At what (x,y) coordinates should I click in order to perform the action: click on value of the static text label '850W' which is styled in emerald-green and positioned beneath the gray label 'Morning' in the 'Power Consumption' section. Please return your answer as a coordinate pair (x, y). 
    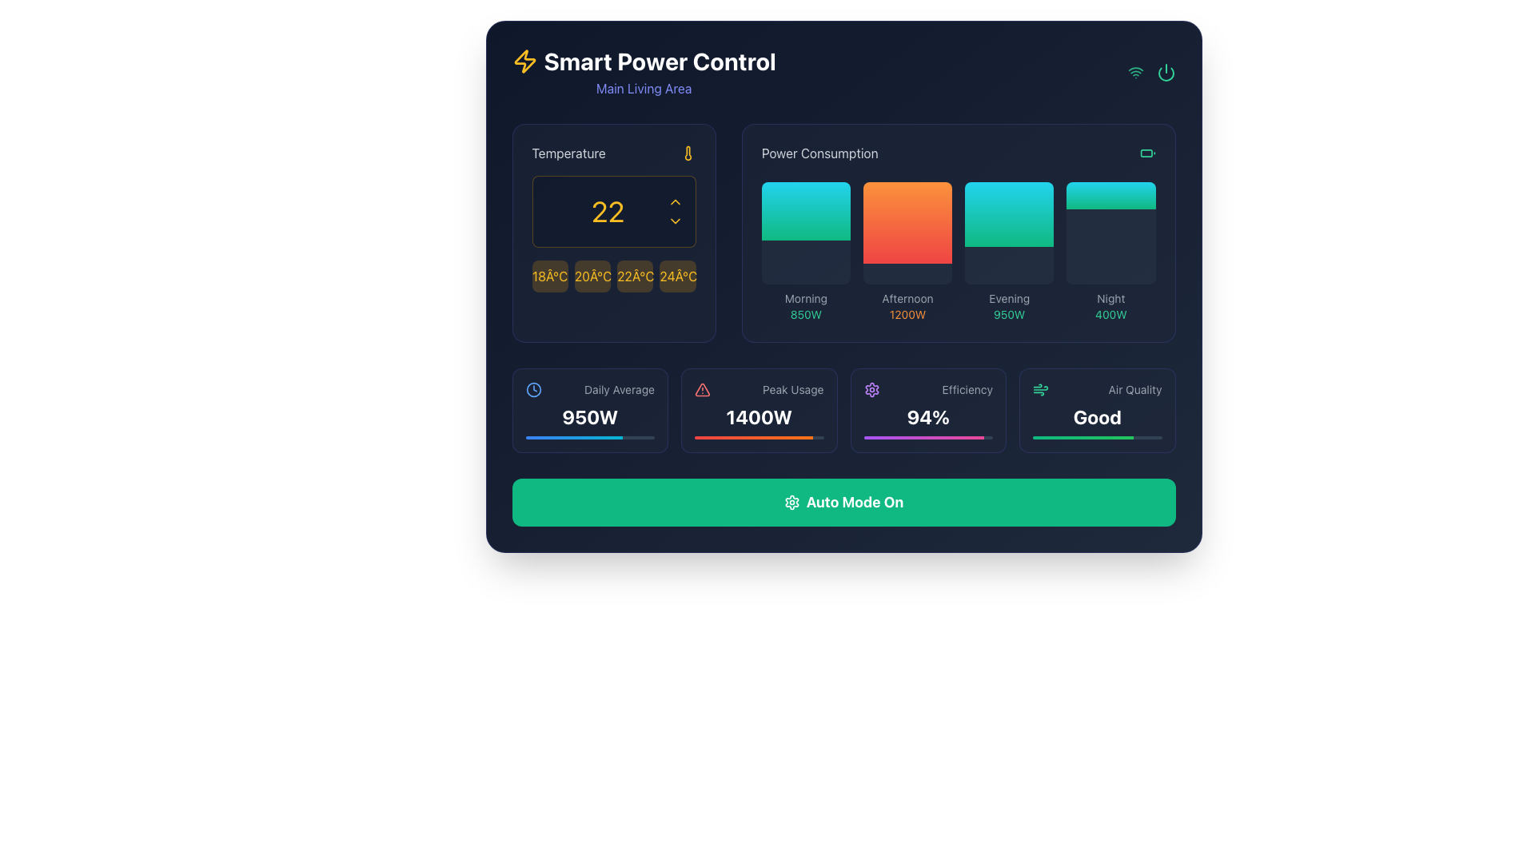
    Looking at the image, I should click on (806, 314).